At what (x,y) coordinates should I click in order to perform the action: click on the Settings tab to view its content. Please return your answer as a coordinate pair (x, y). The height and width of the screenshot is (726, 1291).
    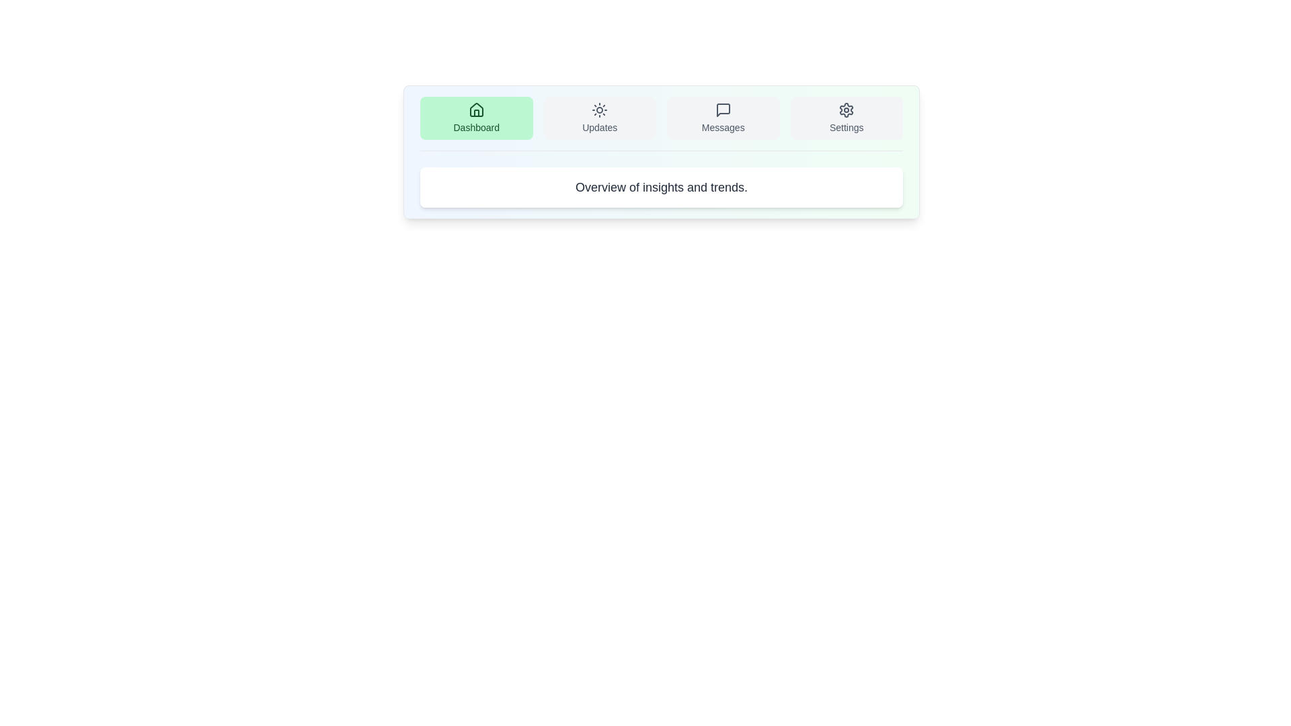
    Looking at the image, I should click on (846, 118).